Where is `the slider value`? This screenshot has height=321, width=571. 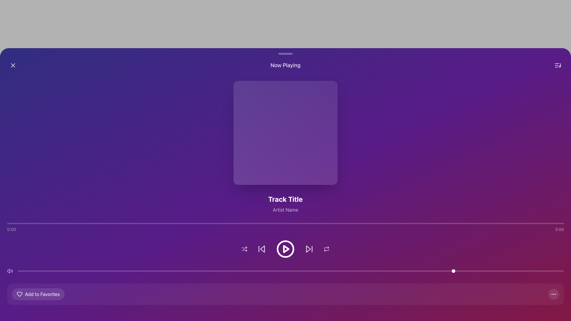 the slider value is located at coordinates (34, 271).